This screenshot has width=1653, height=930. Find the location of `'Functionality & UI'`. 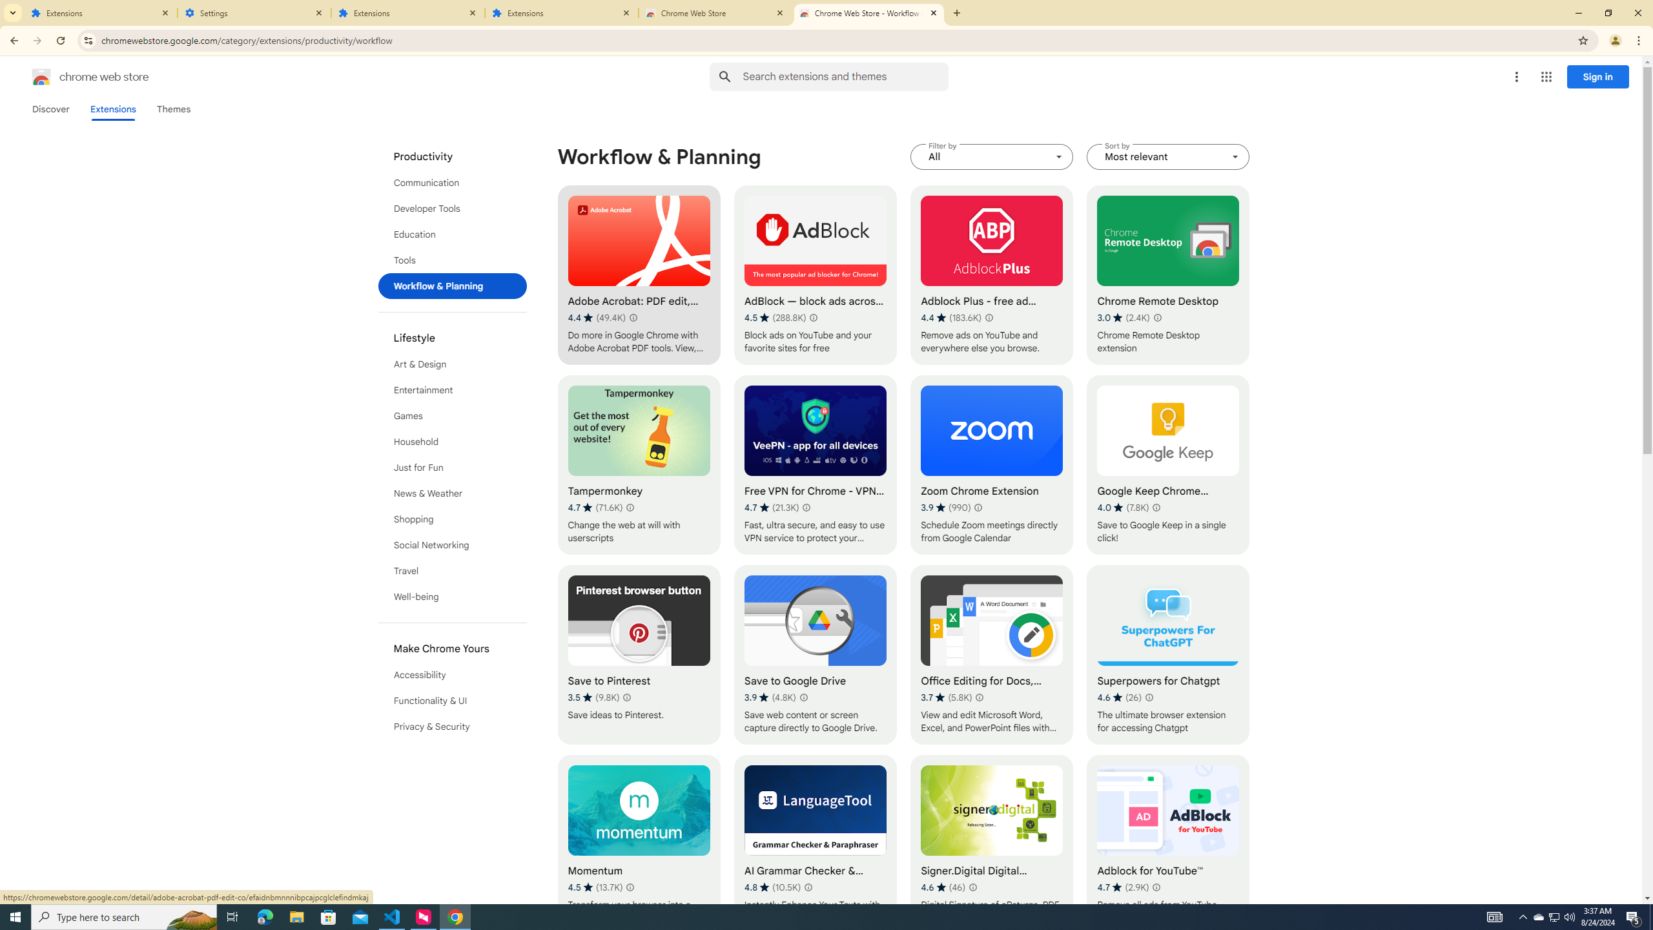

'Functionality & UI' is located at coordinates (453, 700).